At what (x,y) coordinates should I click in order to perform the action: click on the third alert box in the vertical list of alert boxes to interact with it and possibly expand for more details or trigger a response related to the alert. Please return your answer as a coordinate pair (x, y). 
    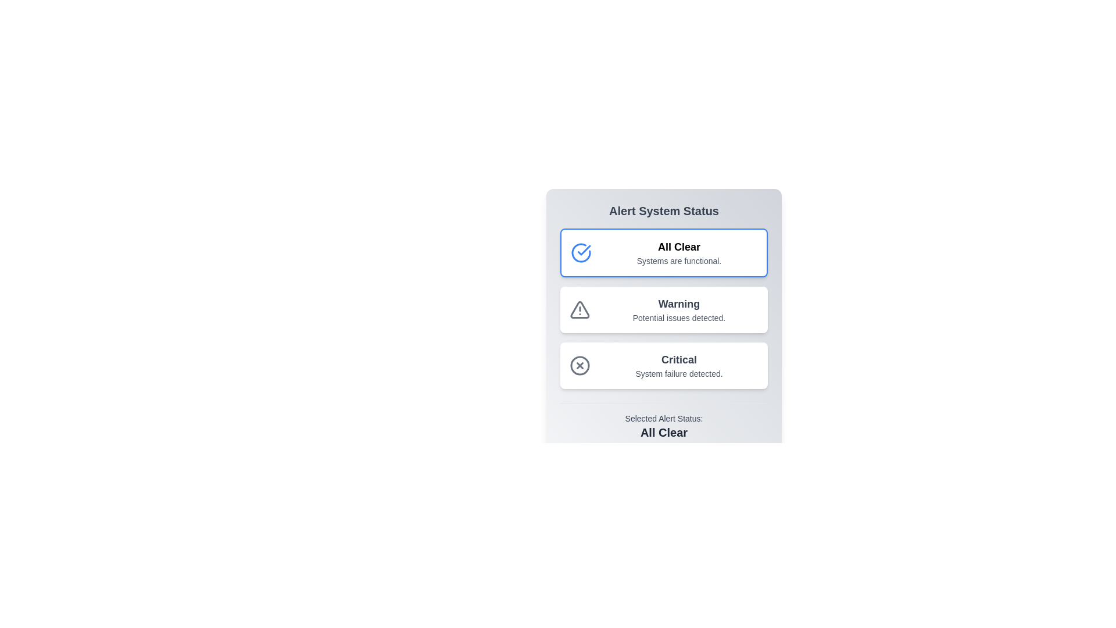
    Looking at the image, I should click on (664, 365).